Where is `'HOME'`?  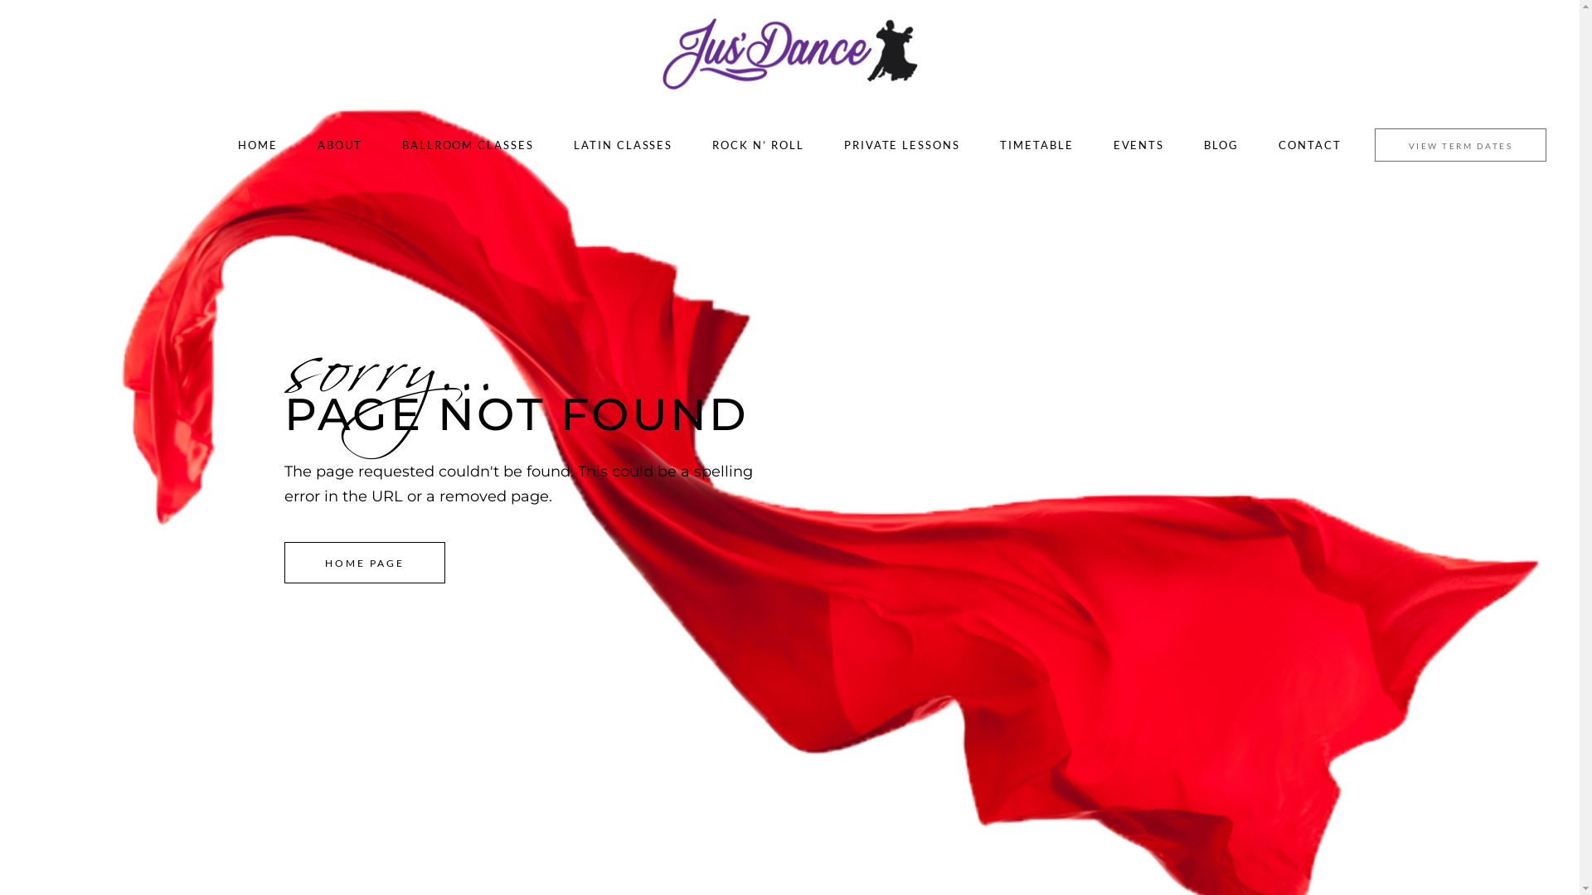 'HOME' is located at coordinates (257, 143).